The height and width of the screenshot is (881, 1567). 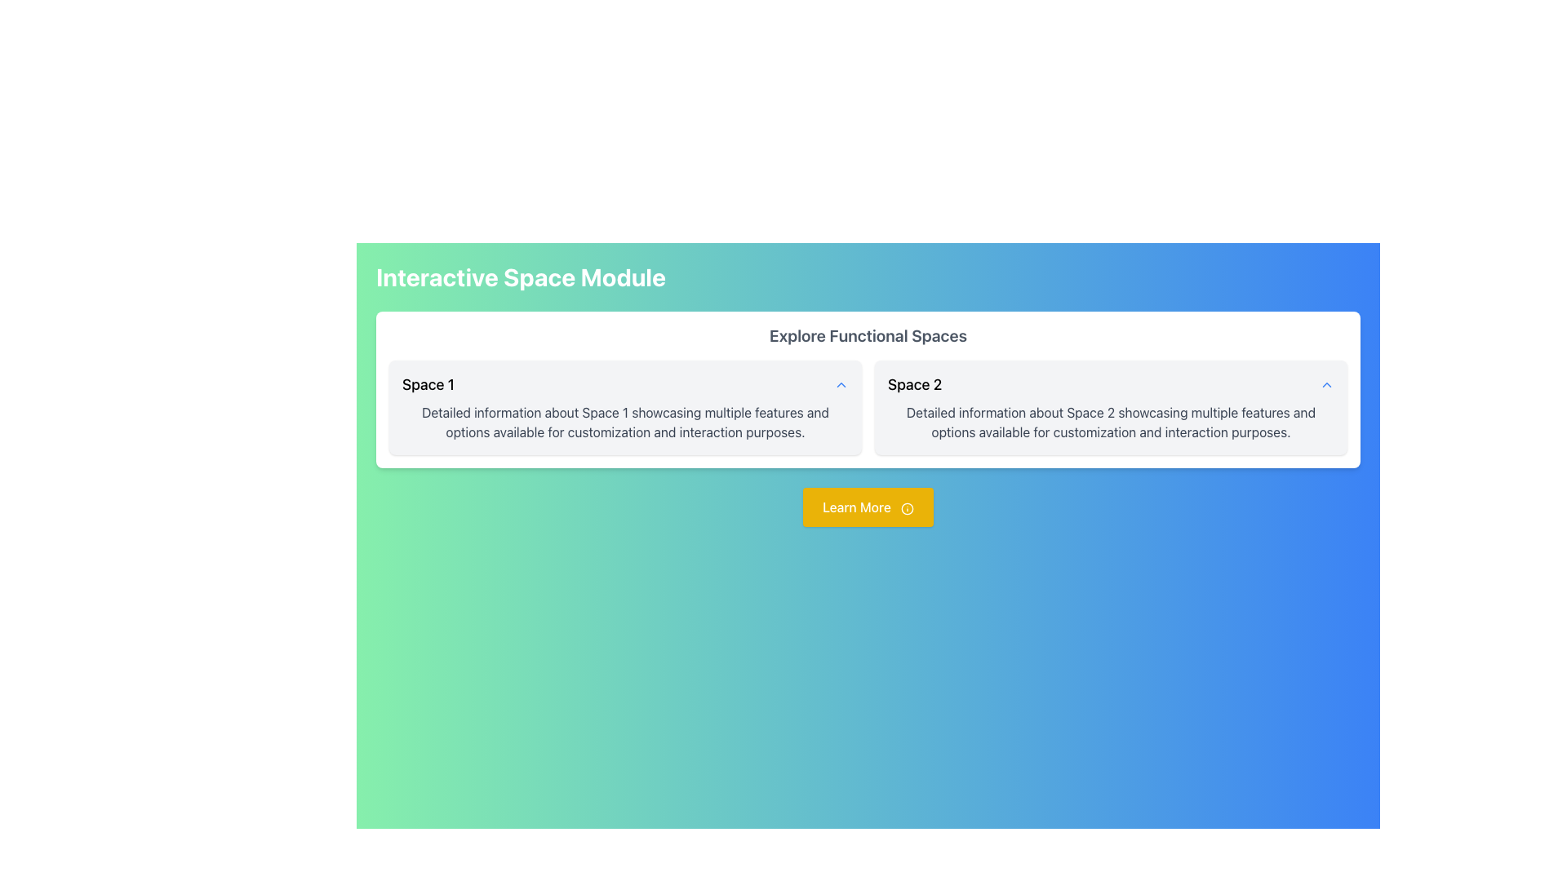 What do you see at coordinates (906, 507) in the screenshot?
I see `the icon located to the right of the 'Learn More' text label on the yellow button` at bounding box center [906, 507].